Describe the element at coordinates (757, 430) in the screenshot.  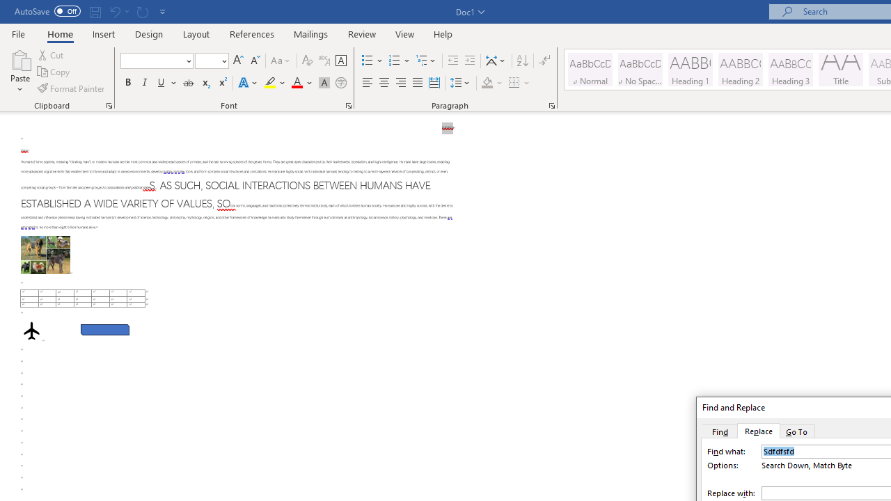
I see `'Replace'` at that location.